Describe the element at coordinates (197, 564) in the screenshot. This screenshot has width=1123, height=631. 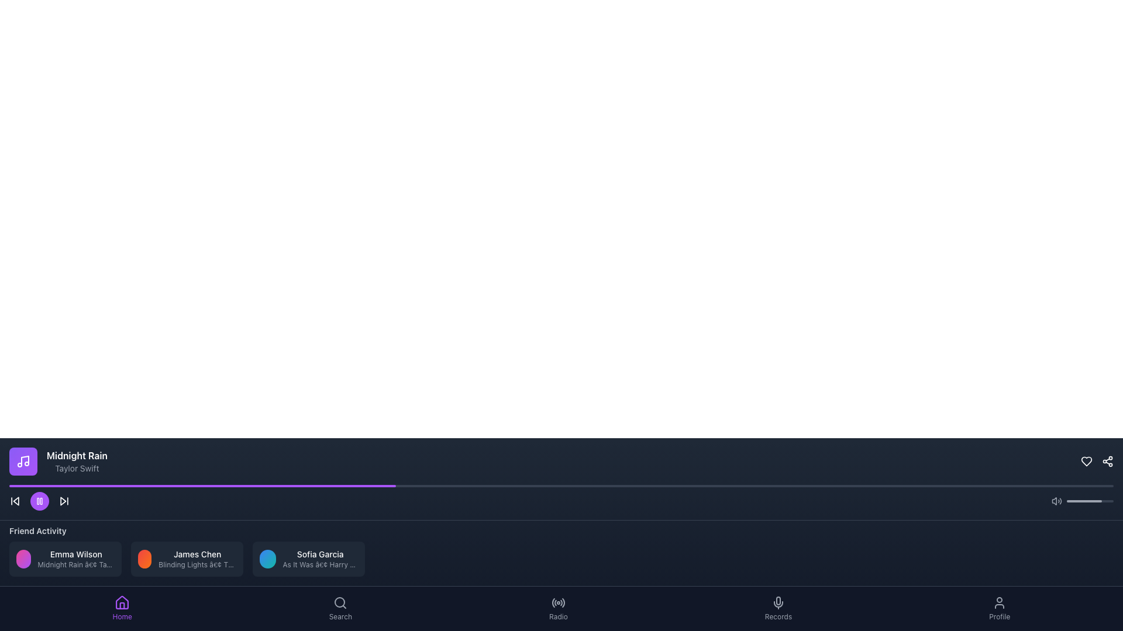
I see `the text label displaying 'Blinding Lights • The Weeknd' located in the middle card of the 'Friend Activity' section, positioned below 'James Chen'` at that location.